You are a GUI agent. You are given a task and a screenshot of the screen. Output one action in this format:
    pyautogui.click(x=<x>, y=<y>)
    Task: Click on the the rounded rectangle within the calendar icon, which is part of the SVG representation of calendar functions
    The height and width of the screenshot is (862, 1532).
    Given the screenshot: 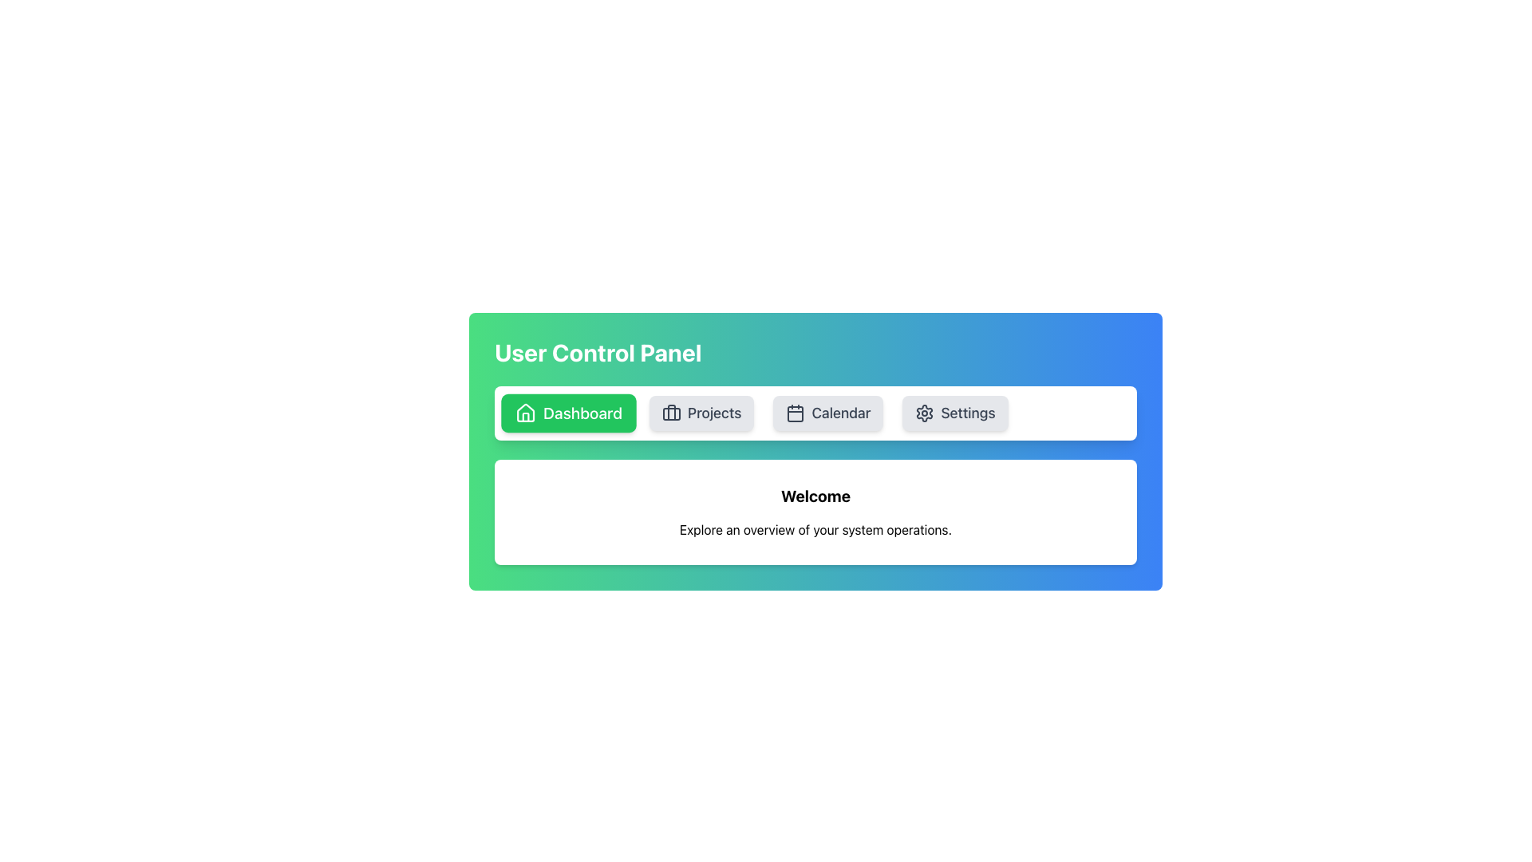 What is the action you would take?
    pyautogui.click(x=796, y=413)
    